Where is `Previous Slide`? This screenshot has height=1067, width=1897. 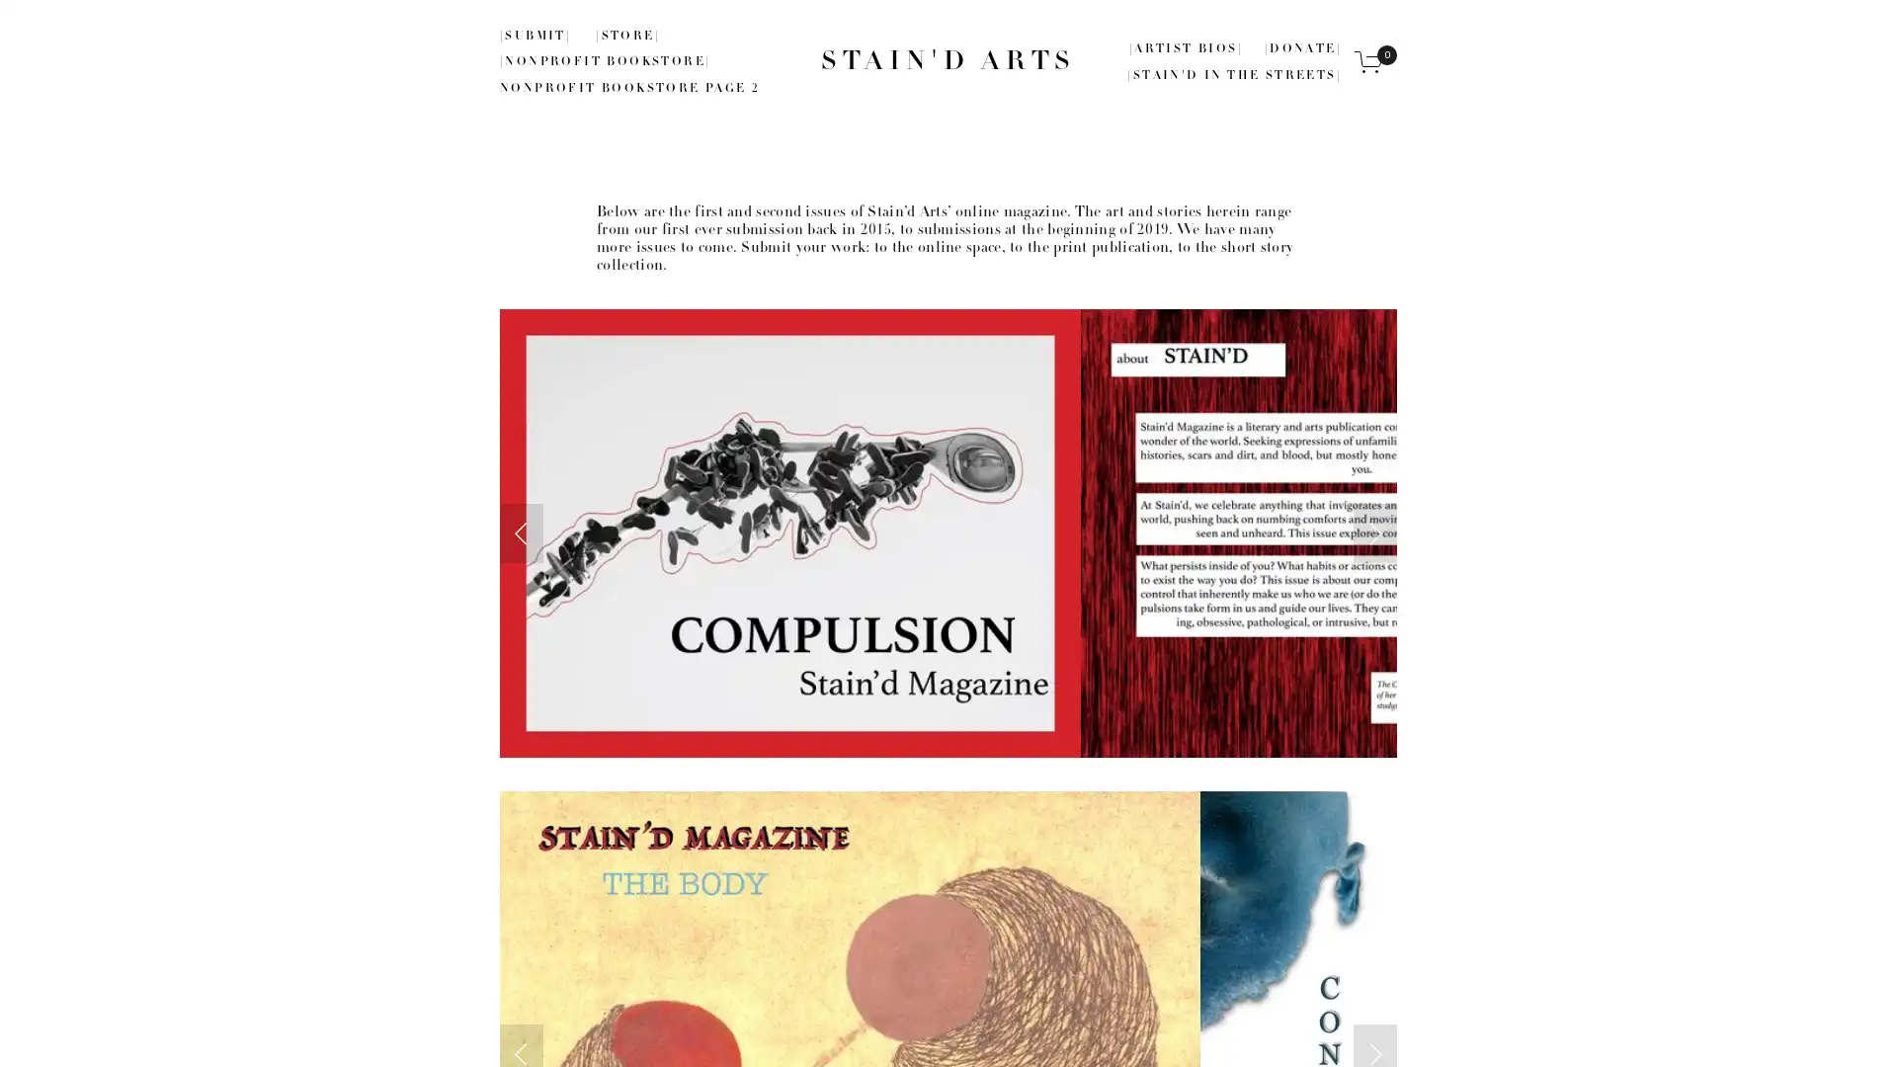 Previous Slide is located at coordinates (522, 532).